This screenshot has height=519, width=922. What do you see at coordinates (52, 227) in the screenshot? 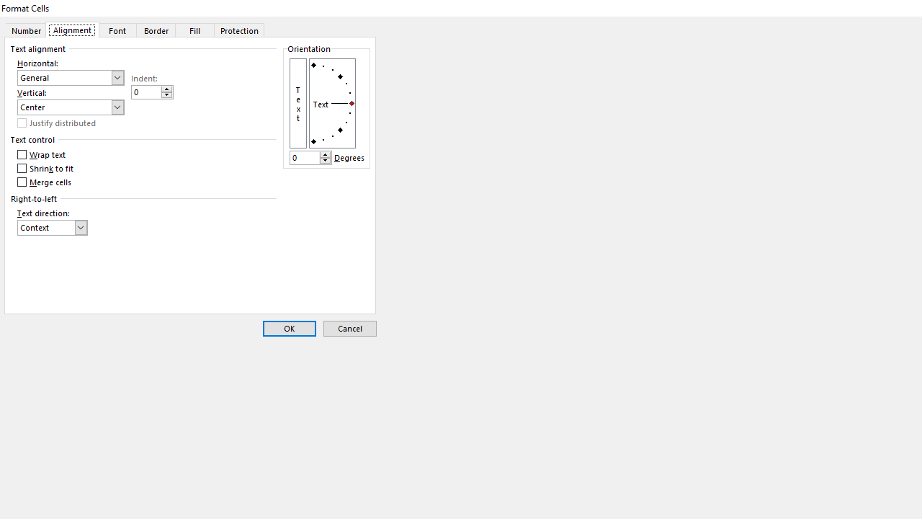
I see `'Text direction:'` at bounding box center [52, 227].